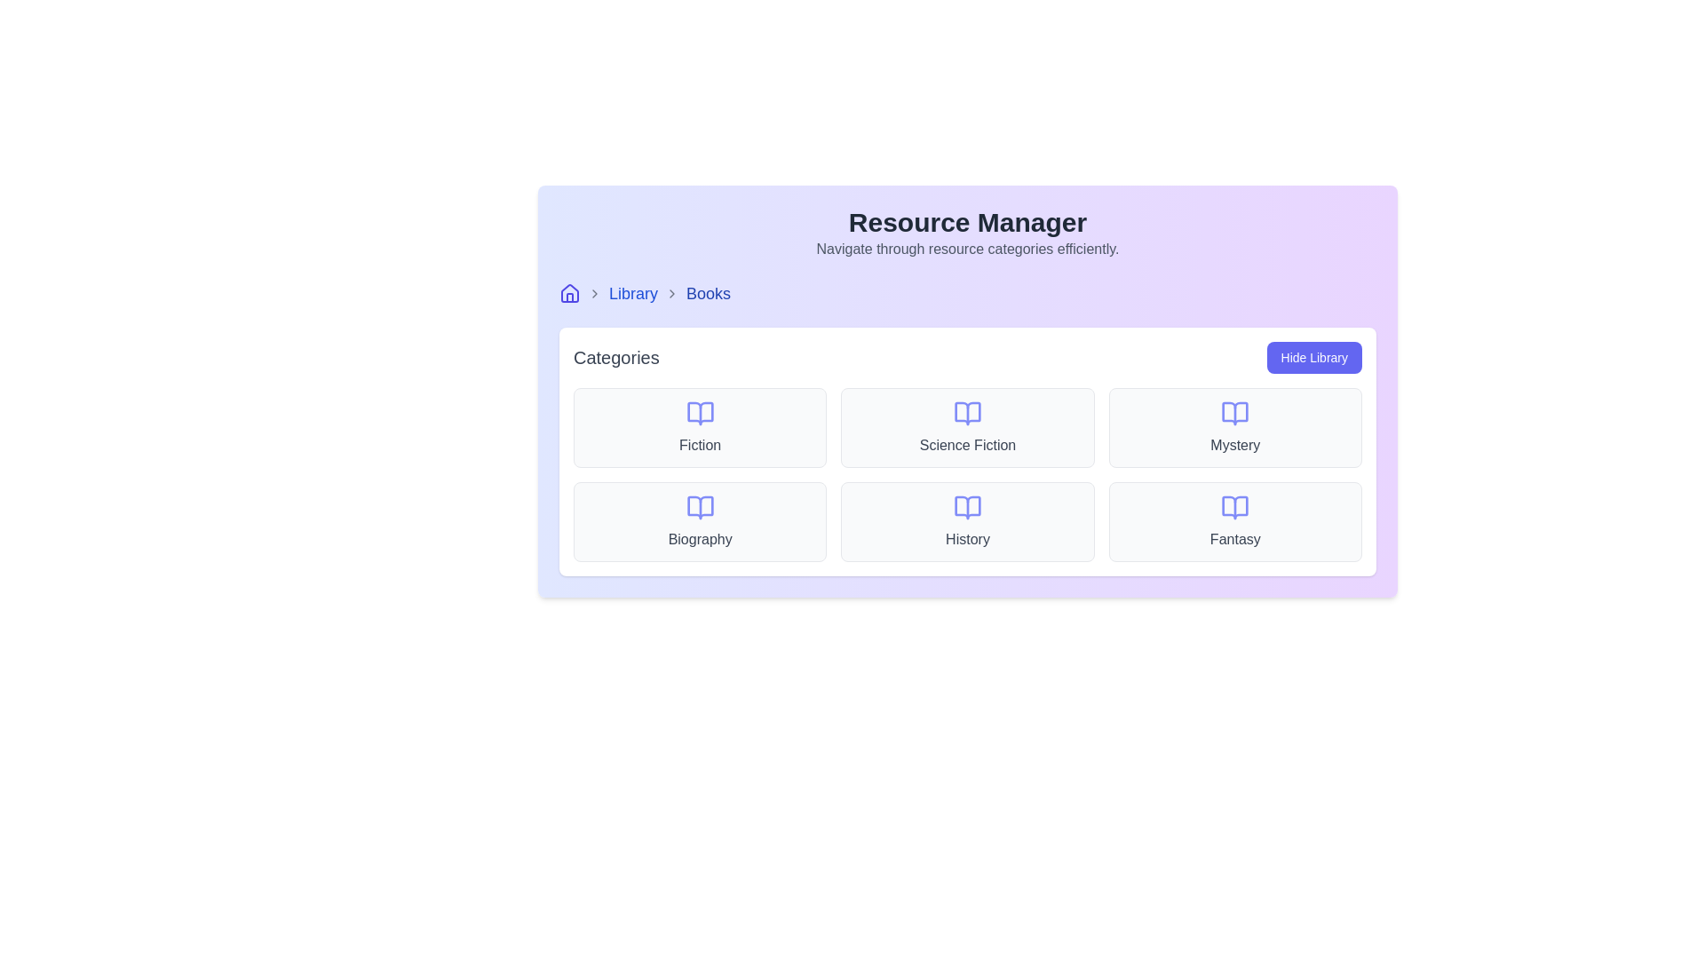 The image size is (1705, 959). I want to click on the 'Science Fiction' text label, which serves as a category label in the categories grid, so click(966, 444).